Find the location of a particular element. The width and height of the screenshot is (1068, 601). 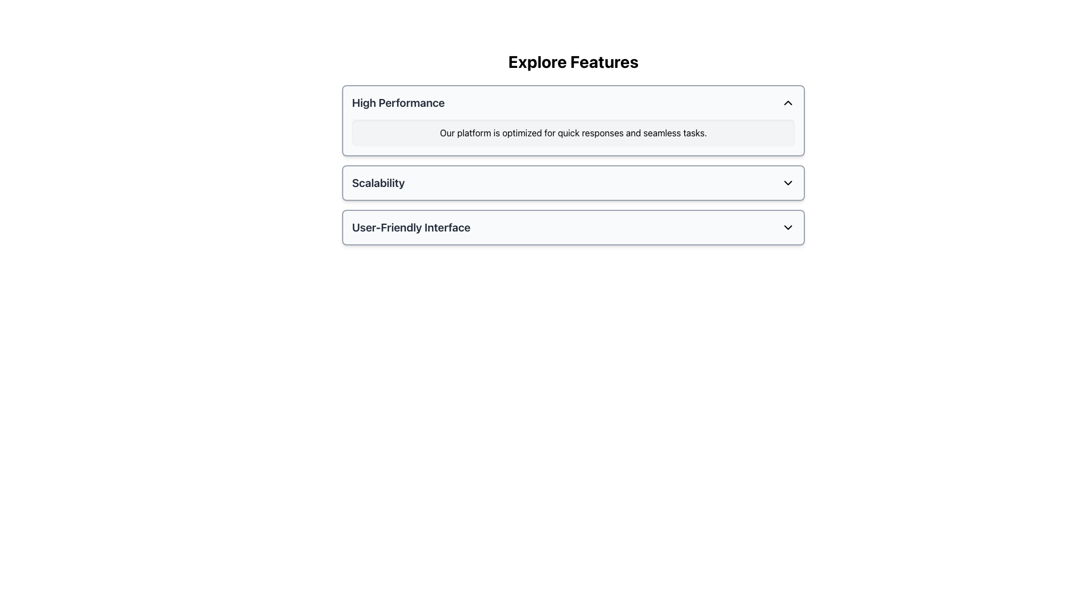

the toggle icon located at the rightmost side of the 'High Performance' section header is located at coordinates (787, 103).